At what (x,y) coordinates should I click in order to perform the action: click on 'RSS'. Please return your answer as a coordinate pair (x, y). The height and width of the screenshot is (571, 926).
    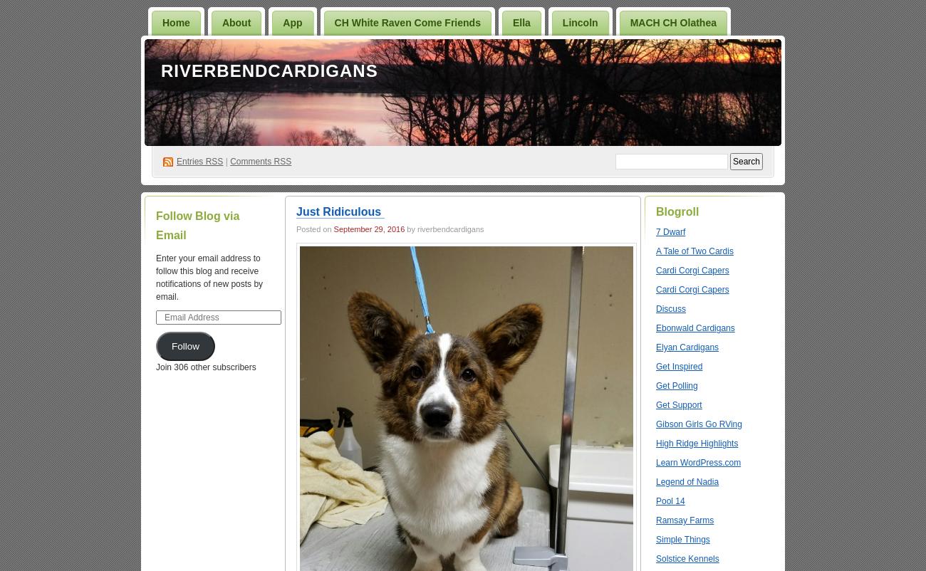
    Looking at the image, I should click on (214, 160).